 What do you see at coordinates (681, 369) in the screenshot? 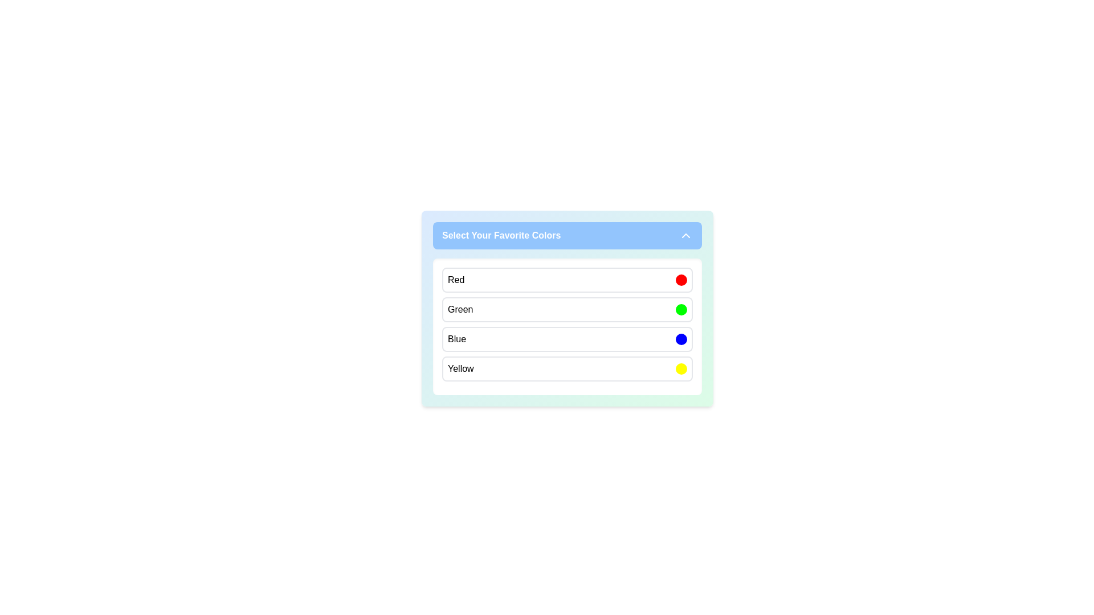
I see `the decorative color marker indicating 'Yellow', which is located at the far-right position of the last item in the list under 'Select Your Favorite Colors'` at bounding box center [681, 369].